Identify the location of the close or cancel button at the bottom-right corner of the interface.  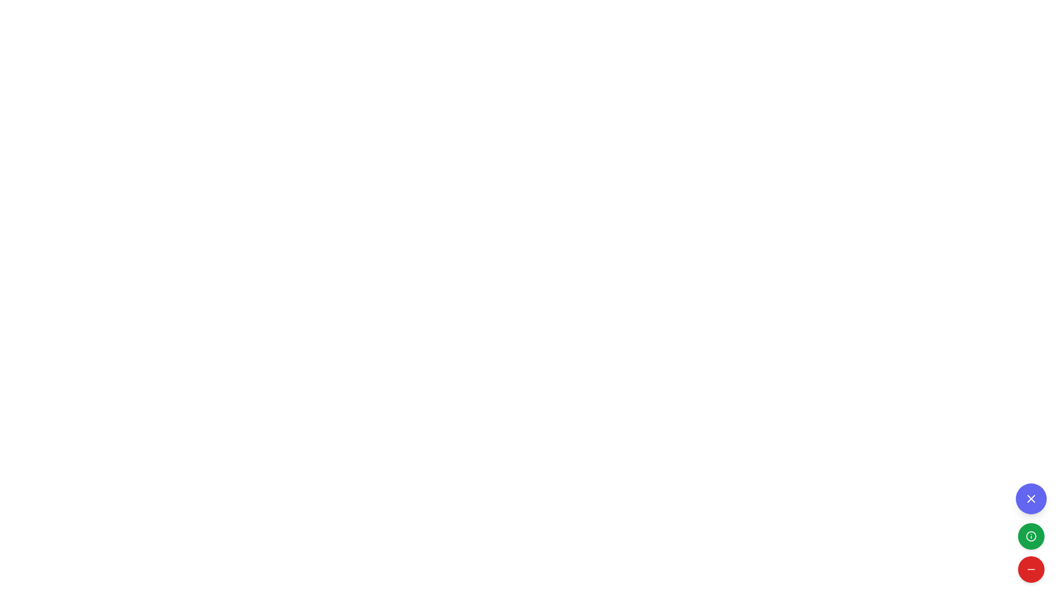
(1030, 498).